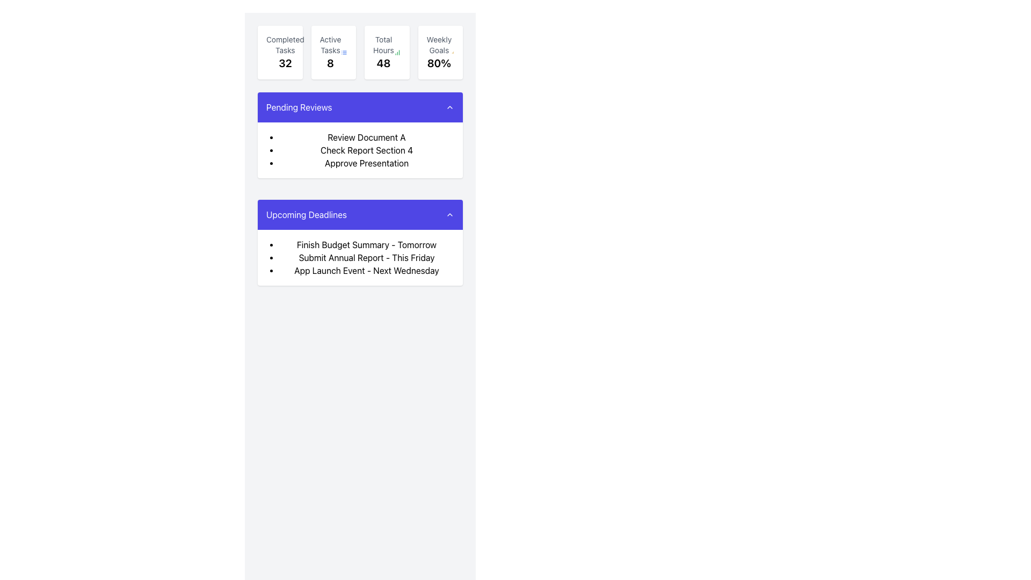  I want to click on the label displaying the count of active tasks, located beneath the 'Active Tasks' label within the second card of a grid layout, so click(330, 63).